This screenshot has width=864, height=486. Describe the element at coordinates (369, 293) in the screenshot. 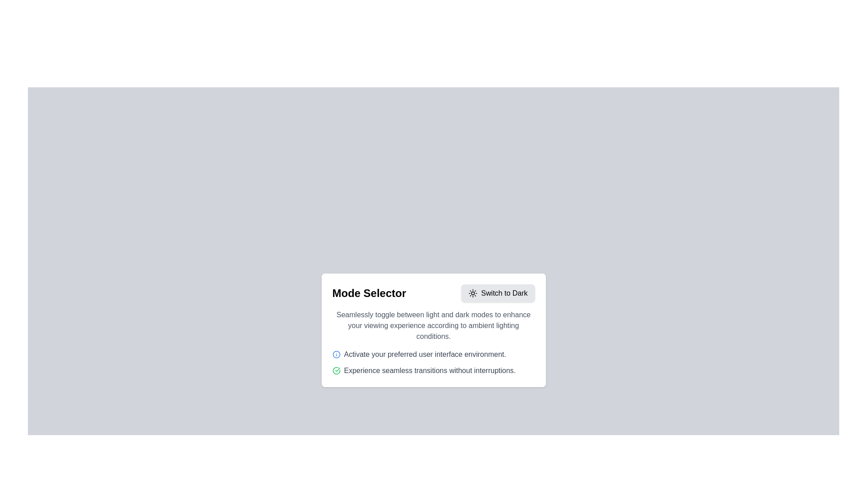

I see `the text label indicating 'Mode Selector' to read its content` at that location.